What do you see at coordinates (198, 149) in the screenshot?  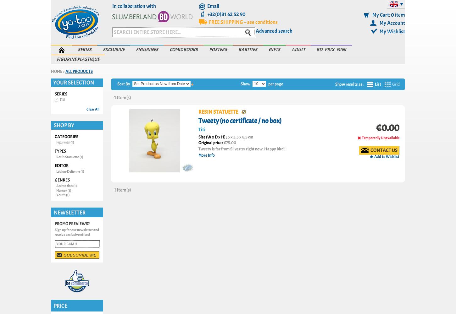 I see `'Tweety is far from Silvester right now. Happy bird !'` at bounding box center [198, 149].